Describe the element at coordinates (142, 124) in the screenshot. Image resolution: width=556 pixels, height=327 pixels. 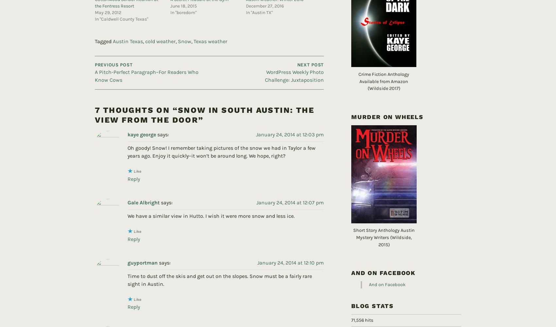
I see `'kaye george'` at that location.